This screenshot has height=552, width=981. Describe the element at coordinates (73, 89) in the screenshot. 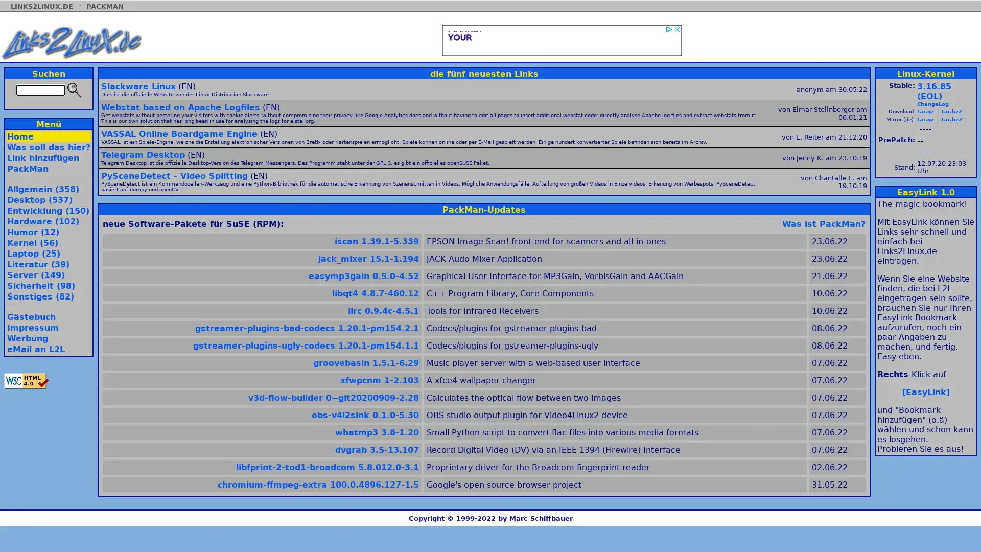

I see `suchen!` at that location.